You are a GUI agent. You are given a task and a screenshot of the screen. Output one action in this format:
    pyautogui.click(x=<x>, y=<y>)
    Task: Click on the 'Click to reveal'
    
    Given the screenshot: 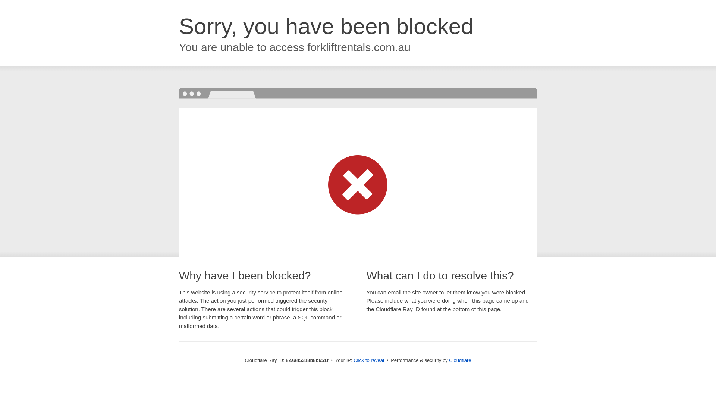 What is the action you would take?
    pyautogui.click(x=368, y=360)
    